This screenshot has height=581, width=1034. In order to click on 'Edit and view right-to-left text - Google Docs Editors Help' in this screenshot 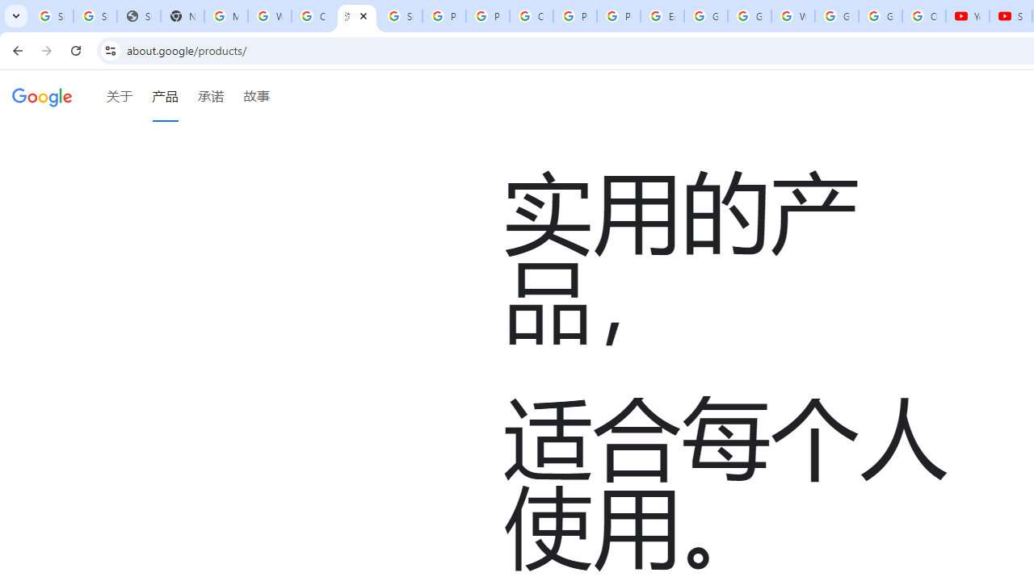, I will do `click(662, 16)`.